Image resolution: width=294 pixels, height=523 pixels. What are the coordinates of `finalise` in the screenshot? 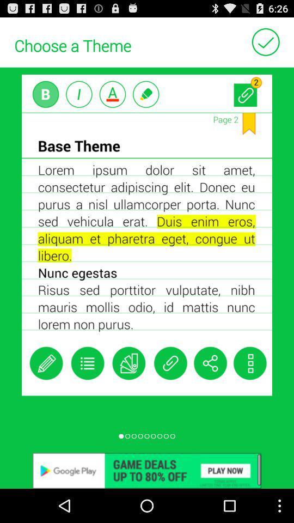 It's located at (265, 41).